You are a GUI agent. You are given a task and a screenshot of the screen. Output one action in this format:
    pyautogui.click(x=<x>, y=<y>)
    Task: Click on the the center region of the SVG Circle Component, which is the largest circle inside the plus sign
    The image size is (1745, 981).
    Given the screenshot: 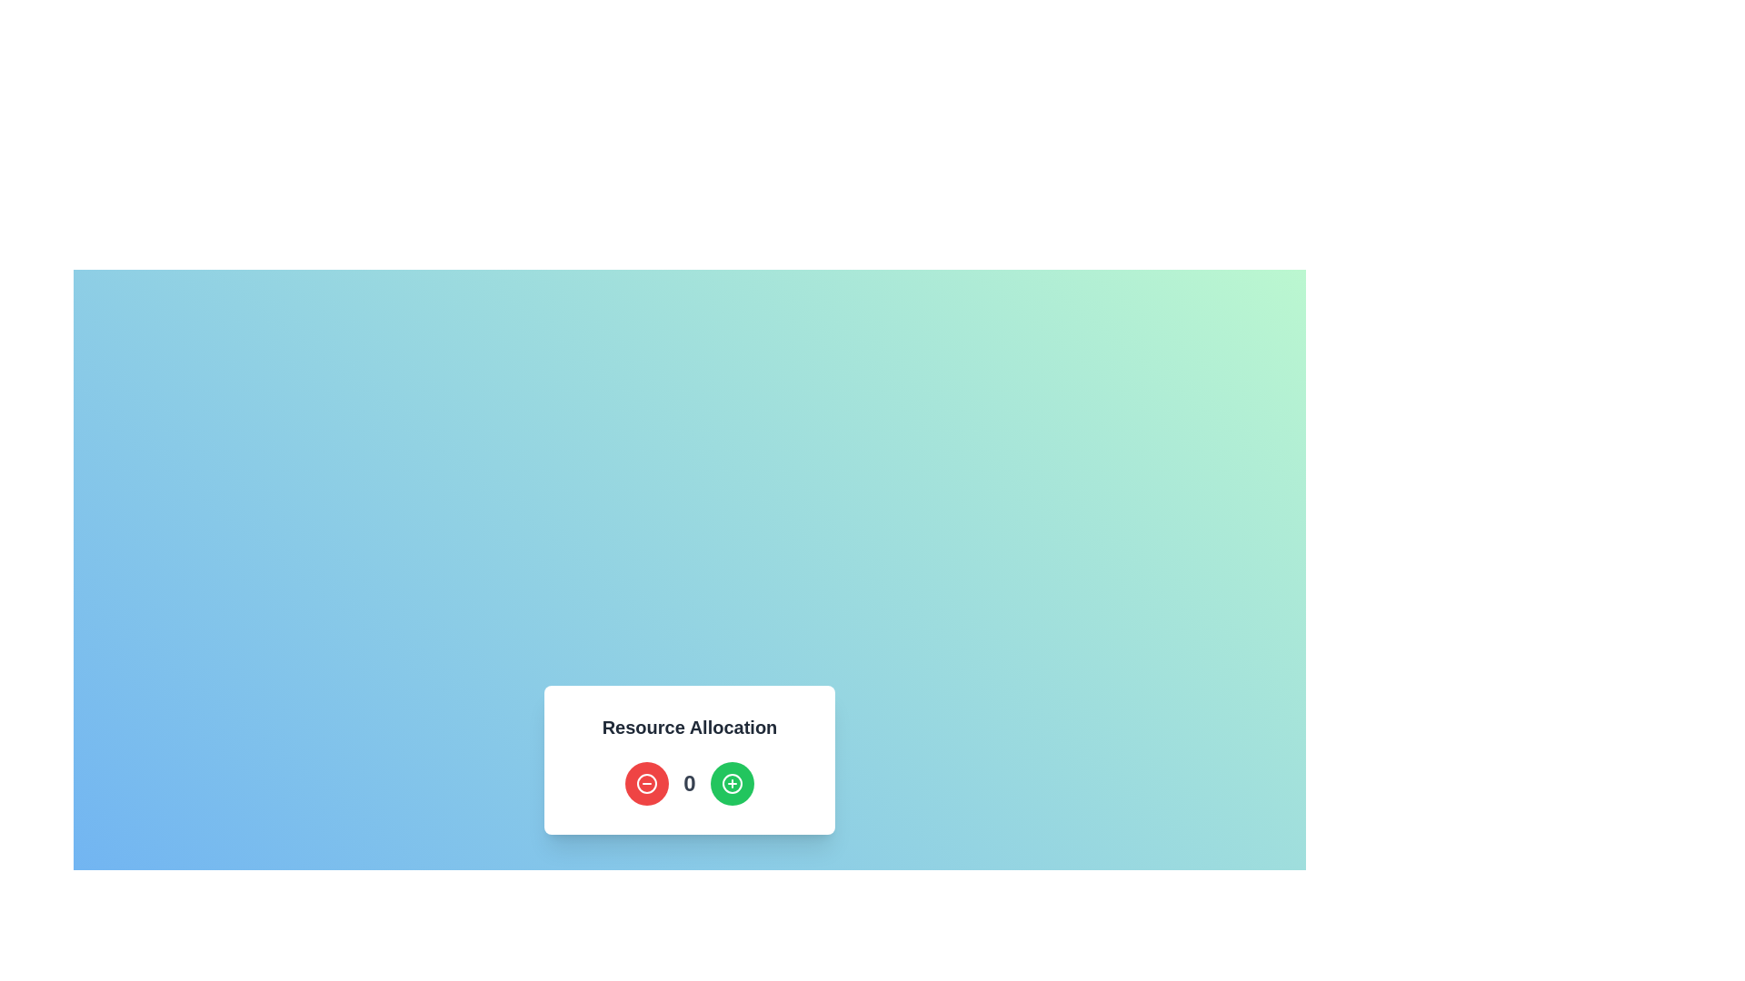 What is the action you would take?
    pyautogui.click(x=732, y=783)
    